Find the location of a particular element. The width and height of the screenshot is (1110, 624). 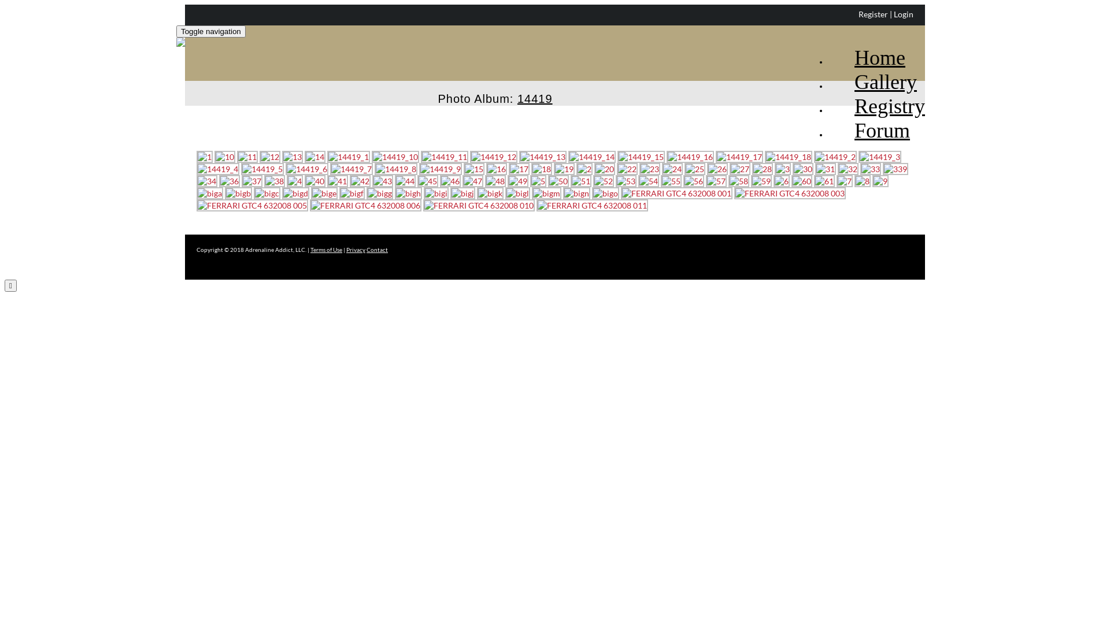

'22 (click to enlarge)' is located at coordinates (616, 169).